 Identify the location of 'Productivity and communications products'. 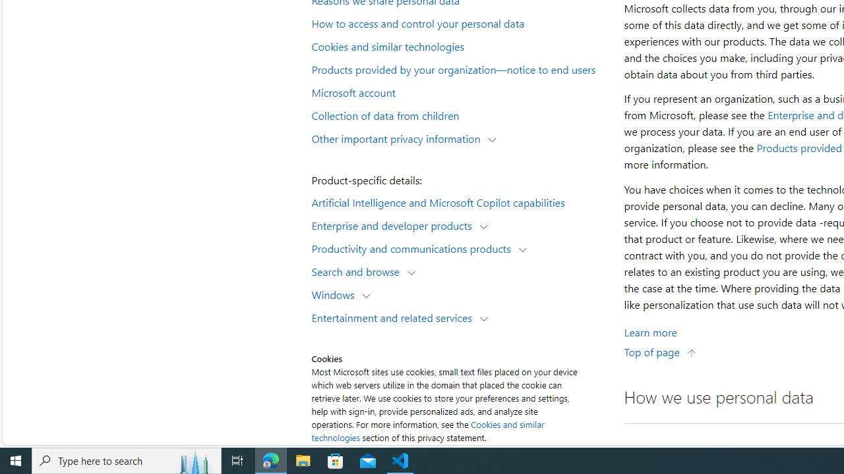
(413, 248).